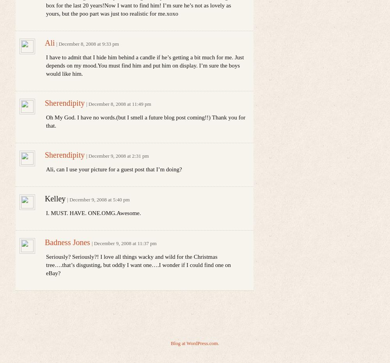 This screenshot has width=390, height=363. I want to click on 'I have to admit that I hide him behind a candle if he’s getting a bit much for me. Just depends on my mood.You must find him and put him on display. I’m sure the boys would like him.', so click(144, 65).